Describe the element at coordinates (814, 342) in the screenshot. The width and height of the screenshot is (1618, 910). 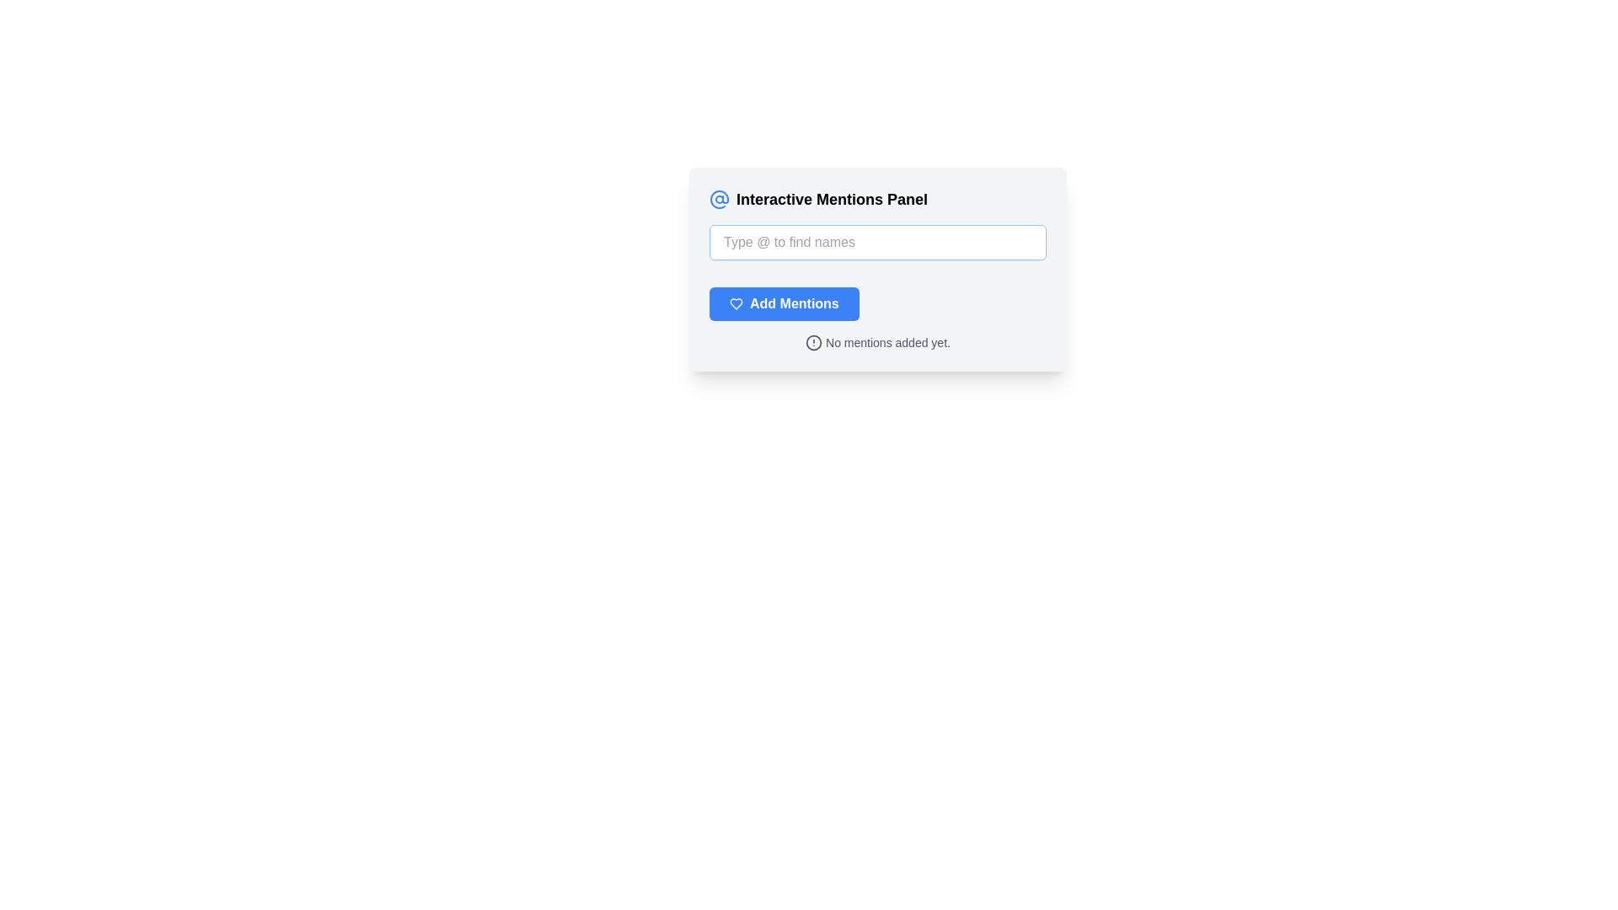
I see `the circular warning icon with an exclamation mark located to the left of the text 'No mentions added yet.' in the footer of the mentions panel` at that location.